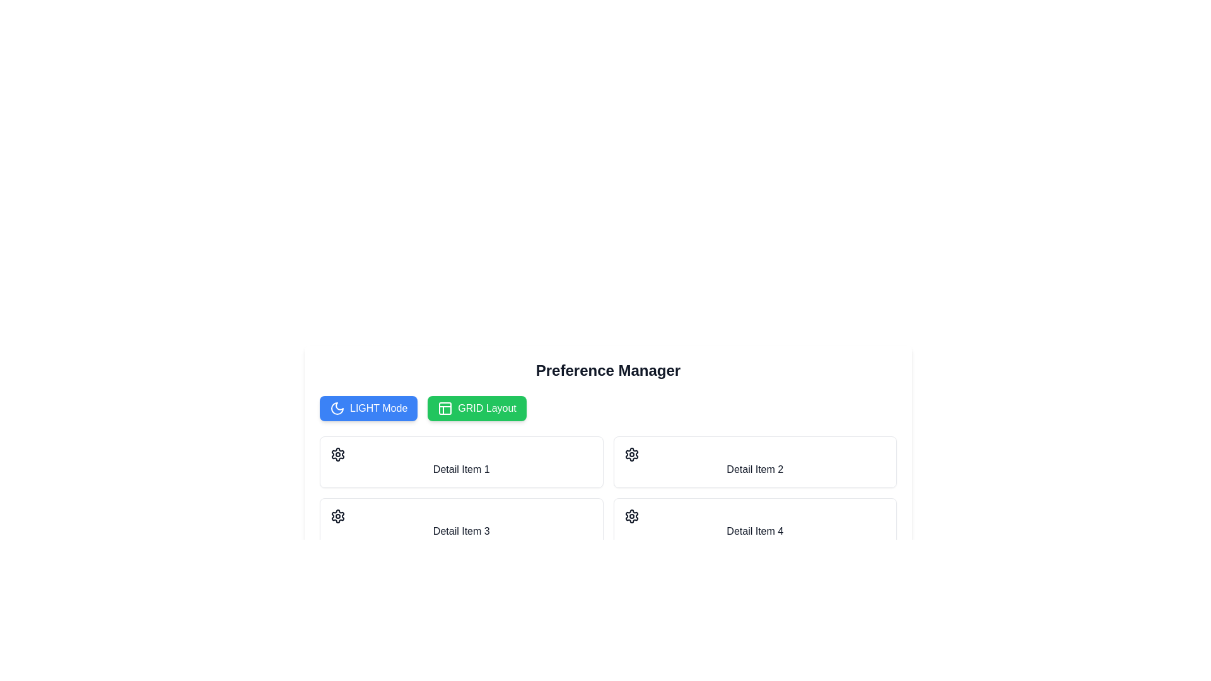 The height and width of the screenshot is (681, 1211). Describe the element at coordinates (631, 516) in the screenshot. I see `the settings icon for 'Detail Item 4' located` at that location.